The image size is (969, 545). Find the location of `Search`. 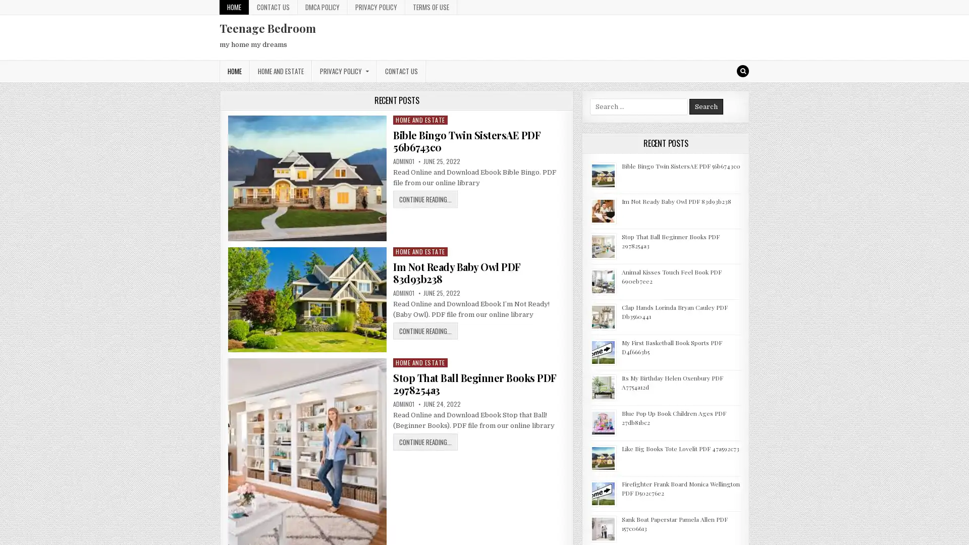

Search is located at coordinates (706, 106).